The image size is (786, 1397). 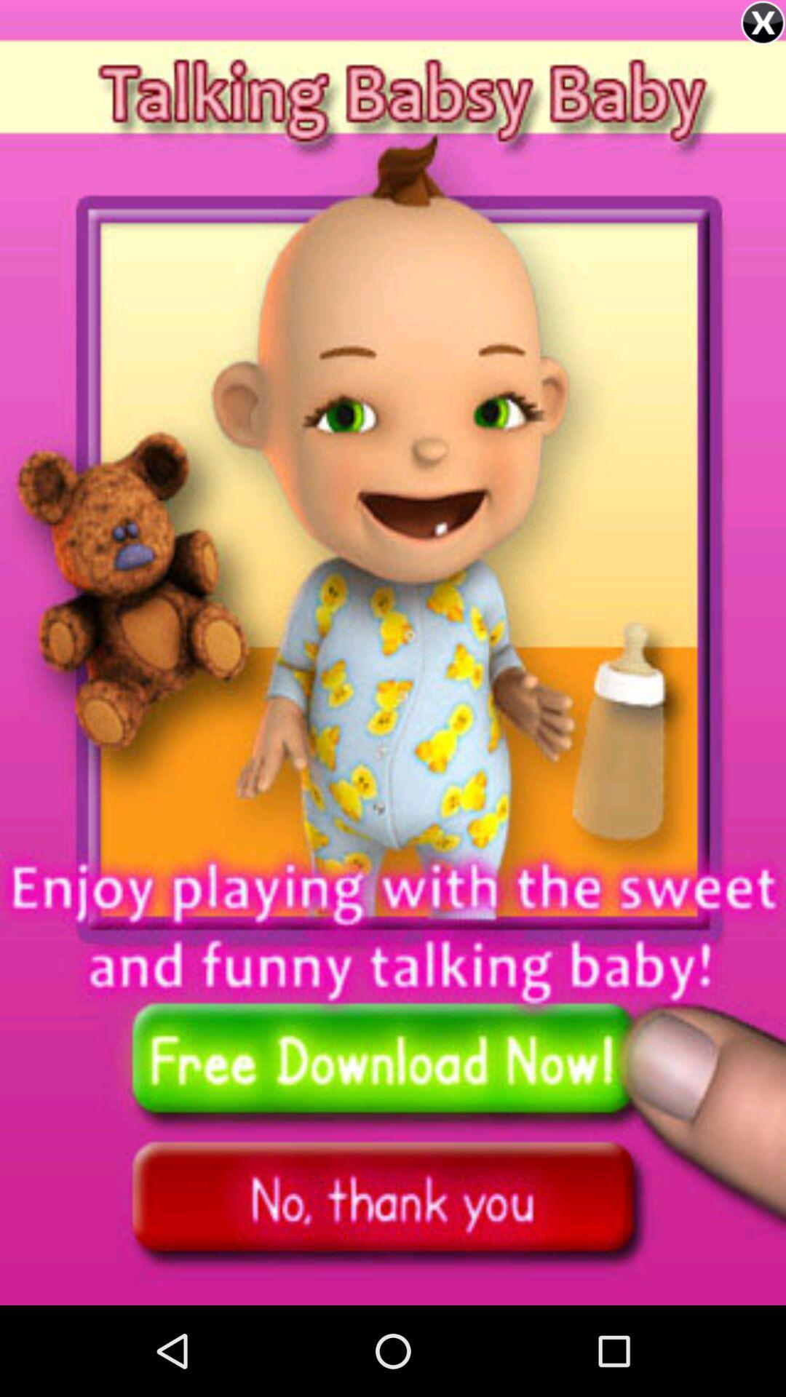 What do you see at coordinates (762, 23) in the screenshot?
I see `window` at bounding box center [762, 23].